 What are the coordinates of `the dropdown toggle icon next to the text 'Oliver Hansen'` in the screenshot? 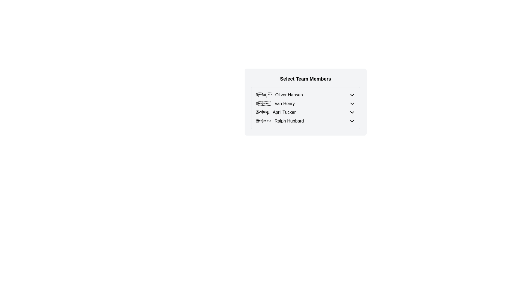 It's located at (352, 94).